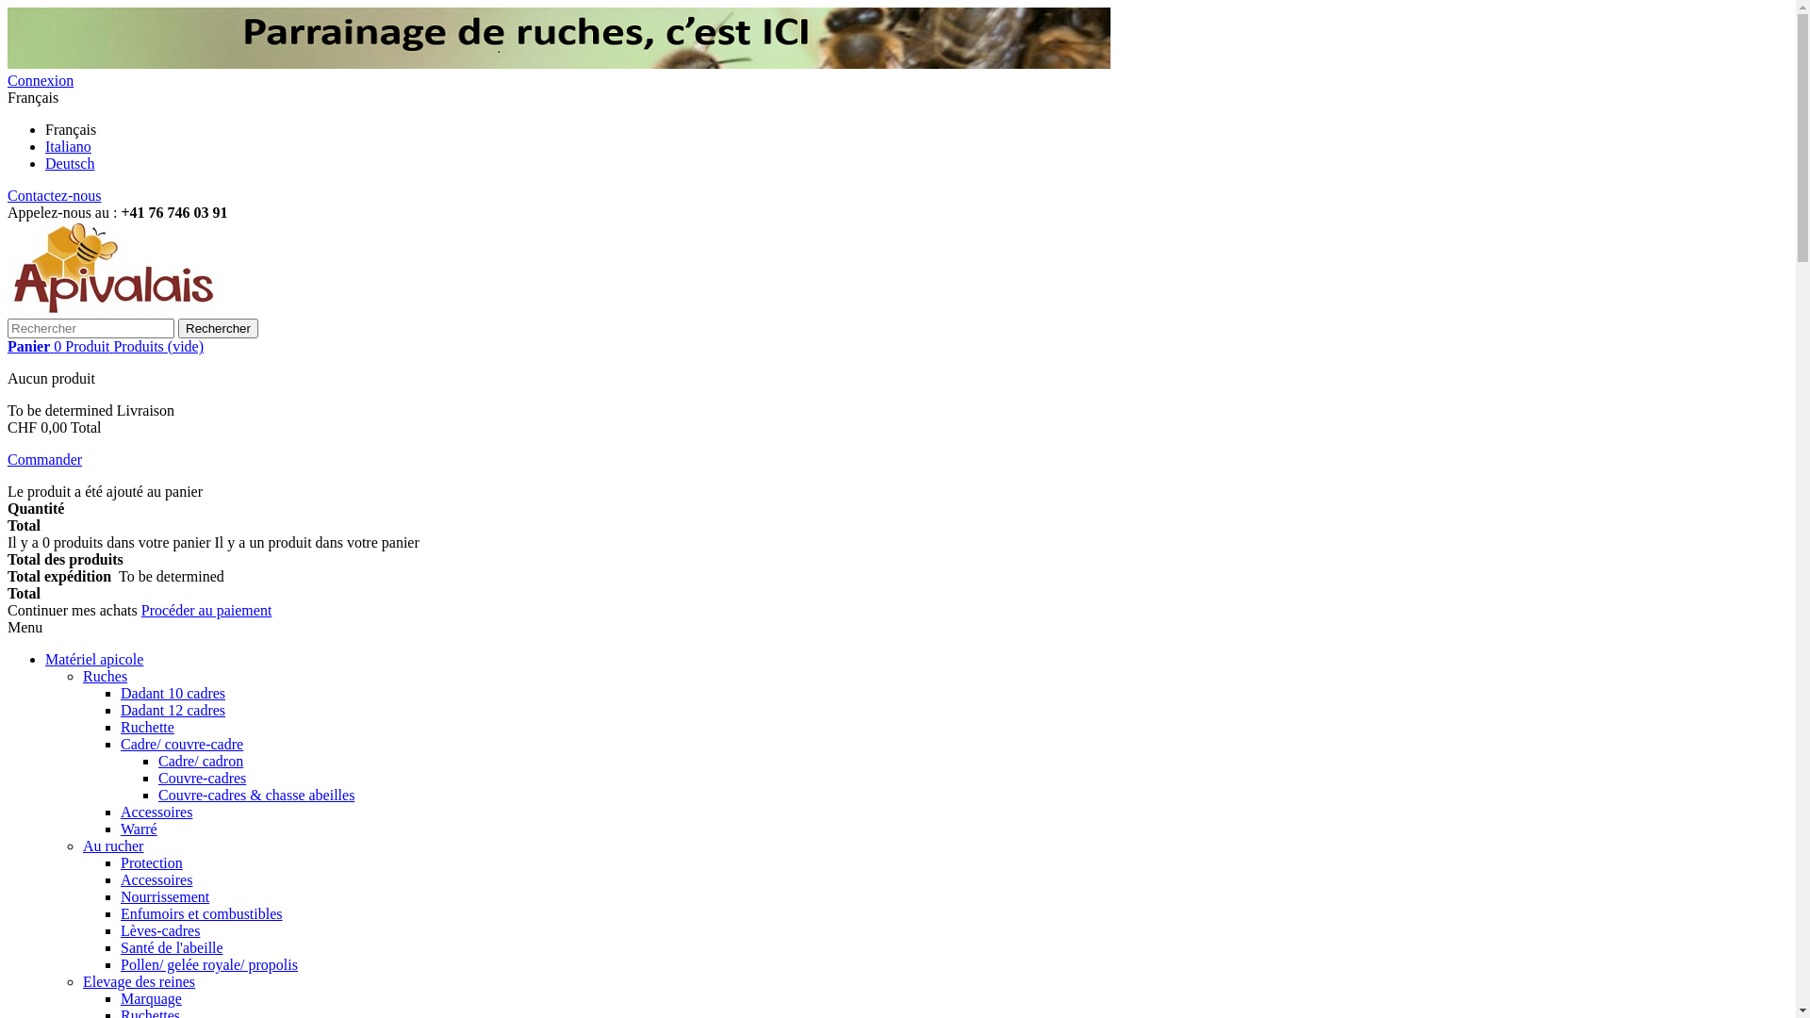 Image resolution: width=1810 pixels, height=1018 pixels. What do you see at coordinates (120, 710) in the screenshot?
I see `'Dadant 12 cadres'` at bounding box center [120, 710].